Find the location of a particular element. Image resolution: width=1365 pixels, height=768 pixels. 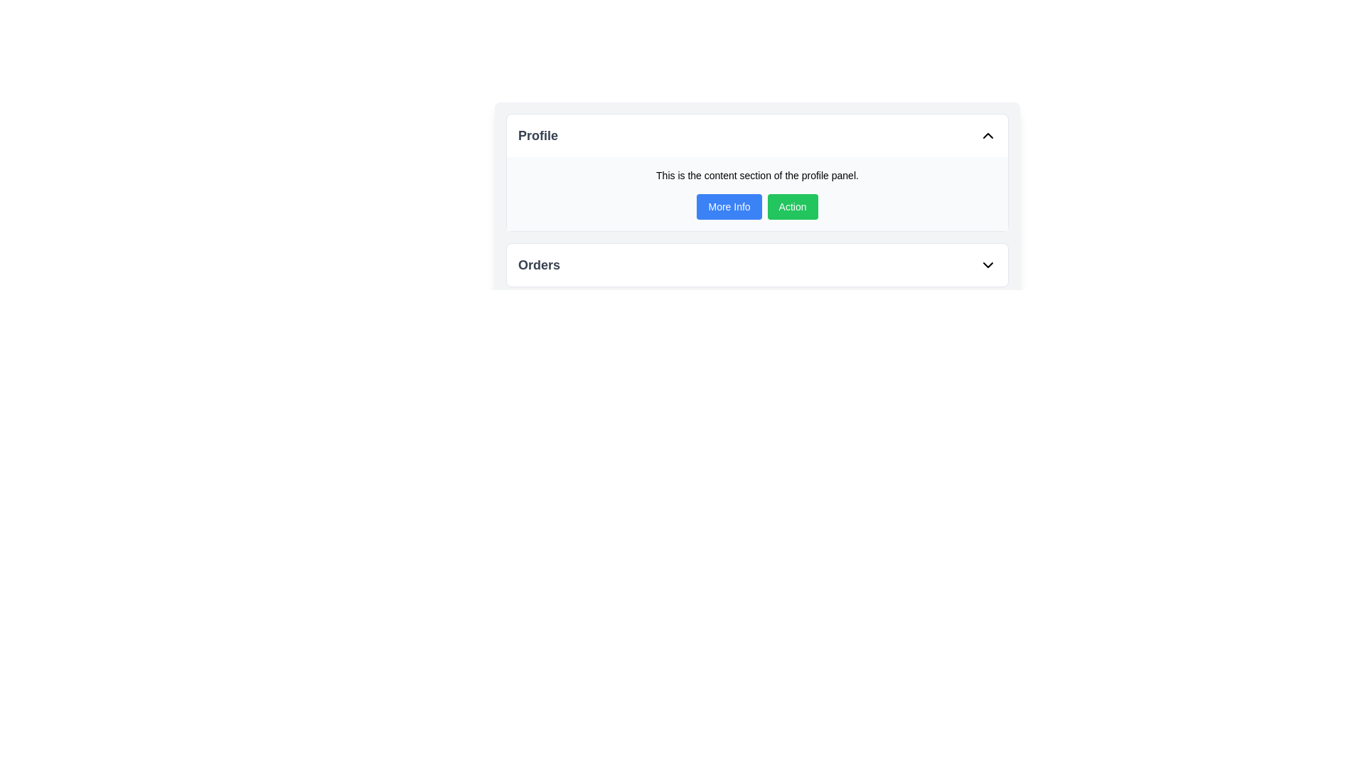

the descriptive text block in the 'Profile' section which provides information related to the section and is located above the 'More Info' and 'Action' buttons is located at coordinates (756, 174).